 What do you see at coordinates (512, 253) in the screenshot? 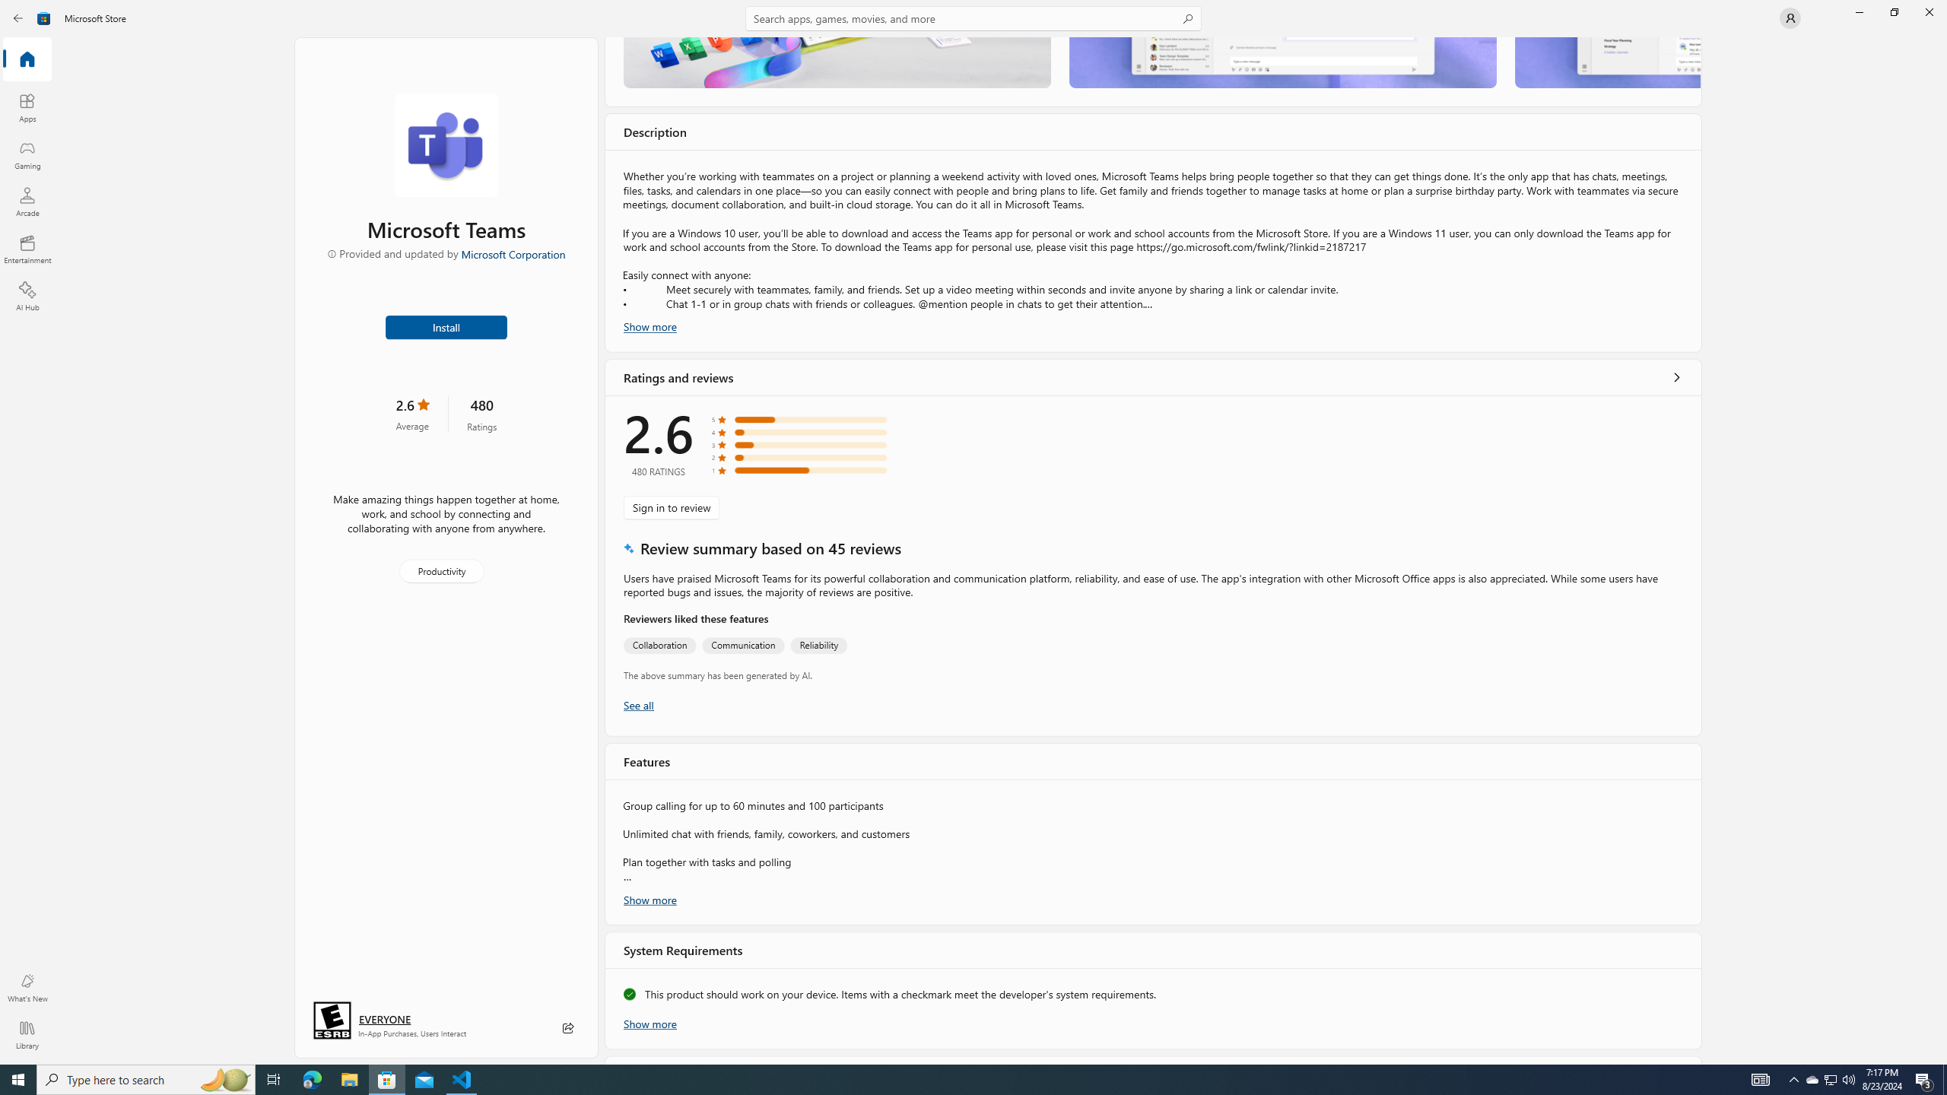
I see `'Microsoft Corporation'` at bounding box center [512, 253].